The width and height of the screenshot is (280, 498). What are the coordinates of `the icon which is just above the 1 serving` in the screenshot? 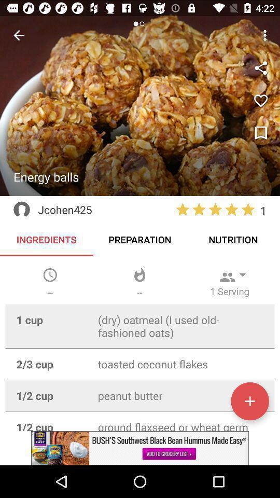 It's located at (227, 277).